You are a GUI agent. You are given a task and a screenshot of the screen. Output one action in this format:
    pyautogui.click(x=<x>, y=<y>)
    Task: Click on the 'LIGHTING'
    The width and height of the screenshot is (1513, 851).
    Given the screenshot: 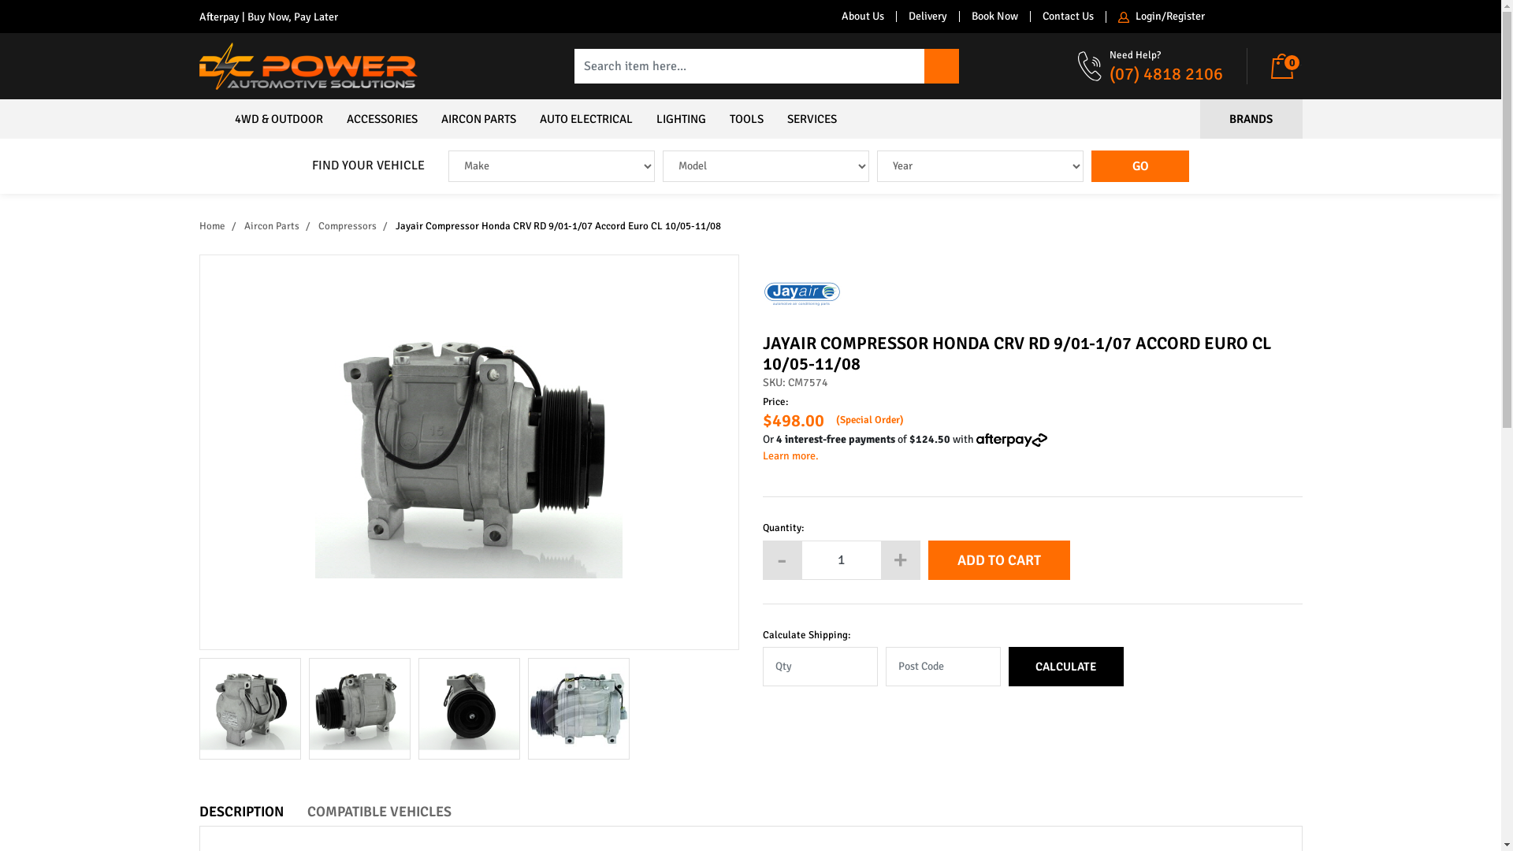 What is the action you would take?
    pyautogui.click(x=644, y=117)
    